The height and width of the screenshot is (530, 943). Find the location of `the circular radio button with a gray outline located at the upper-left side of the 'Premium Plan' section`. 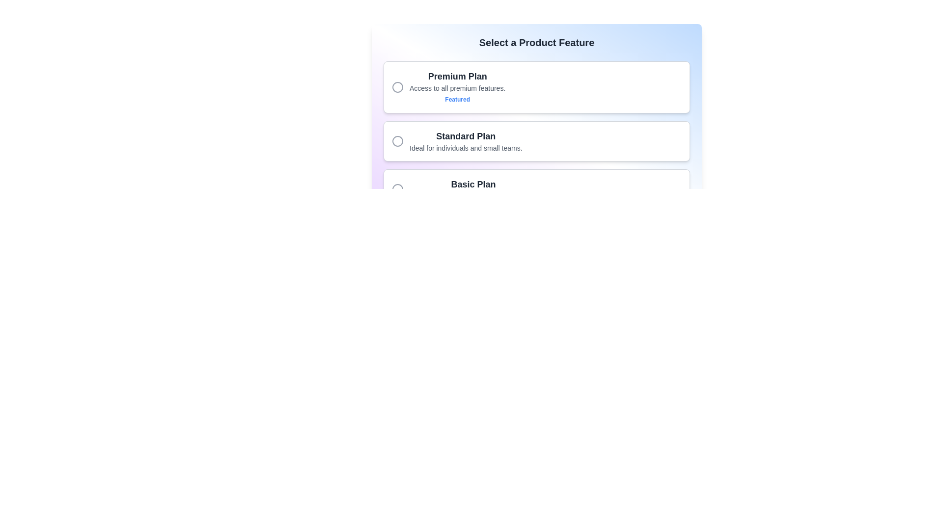

the circular radio button with a gray outline located at the upper-left side of the 'Premium Plan' section is located at coordinates (398, 86).